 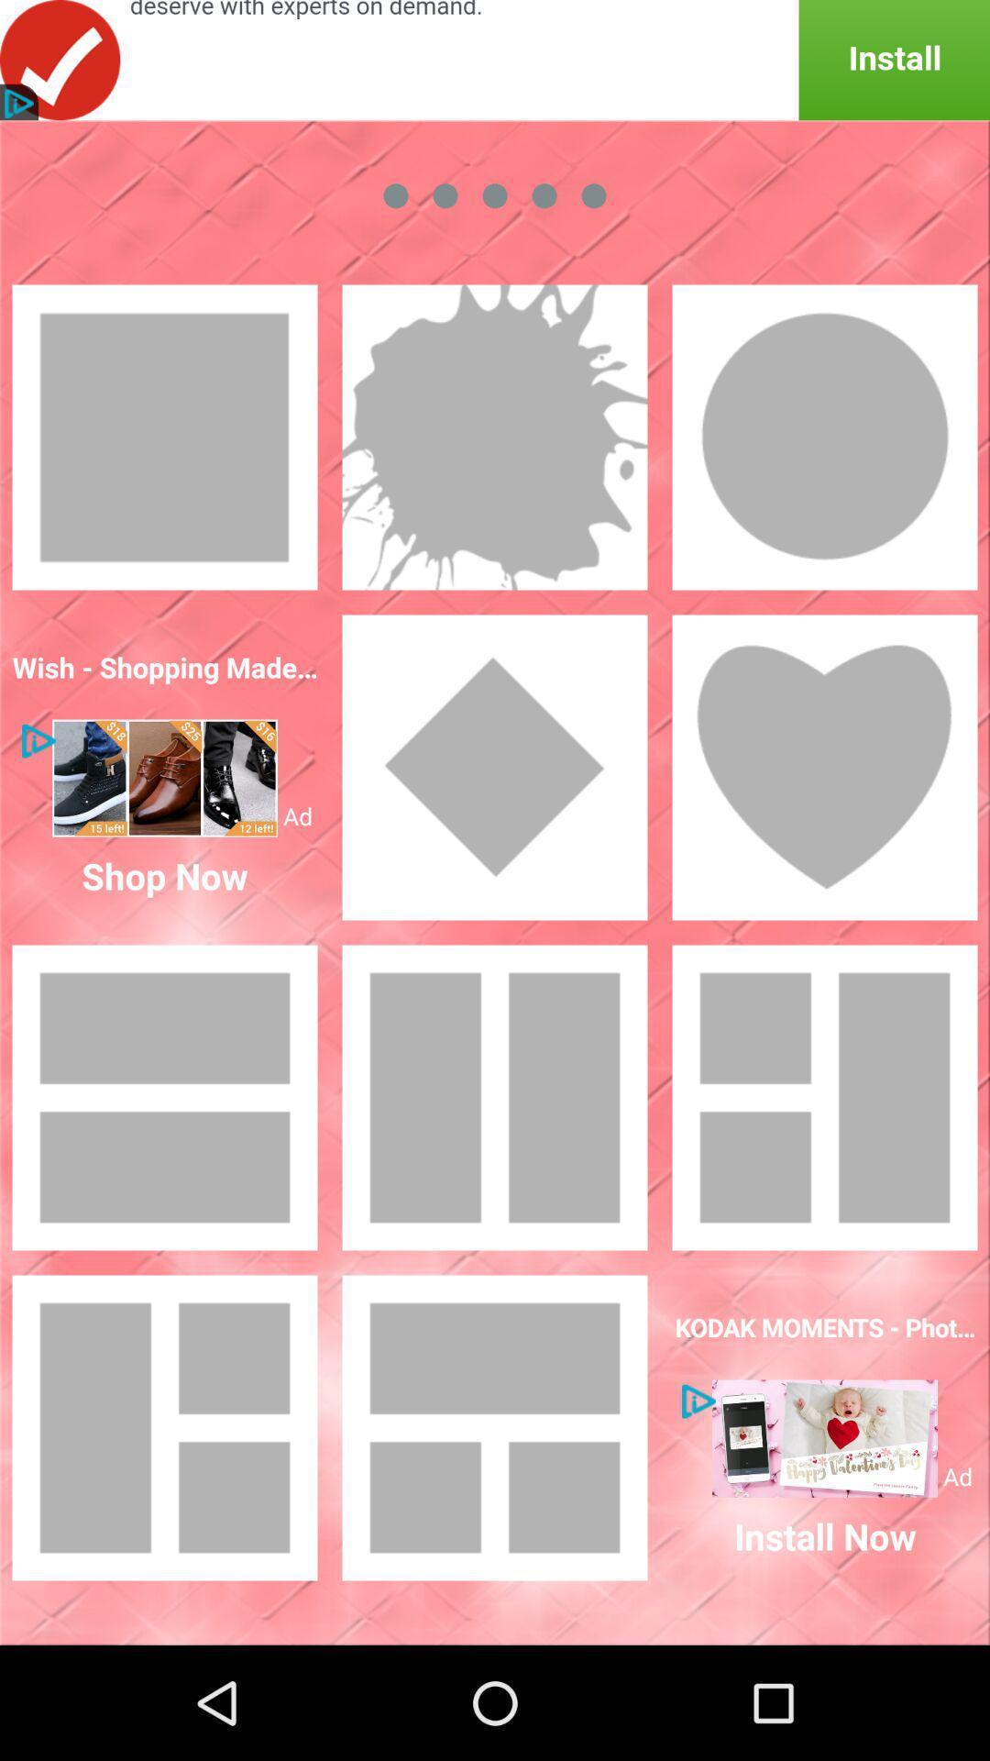 What do you see at coordinates (165, 778) in the screenshot?
I see `website` at bounding box center [165, 778].